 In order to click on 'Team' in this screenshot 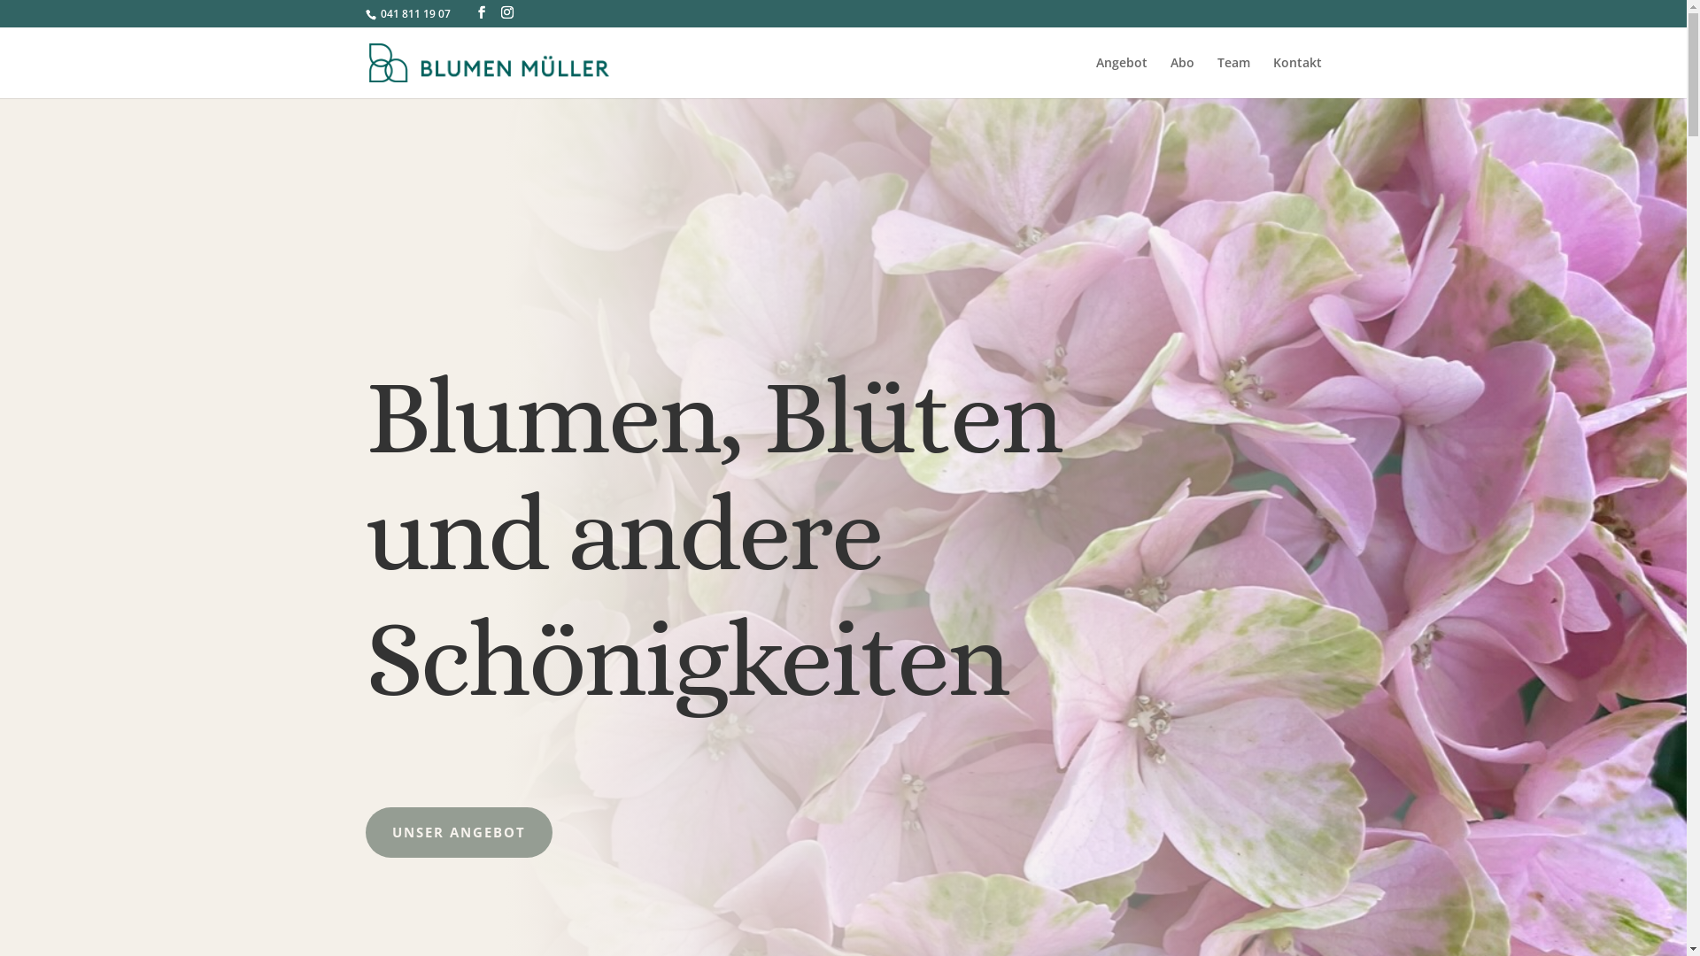, I will do `click(1232, 76)`.